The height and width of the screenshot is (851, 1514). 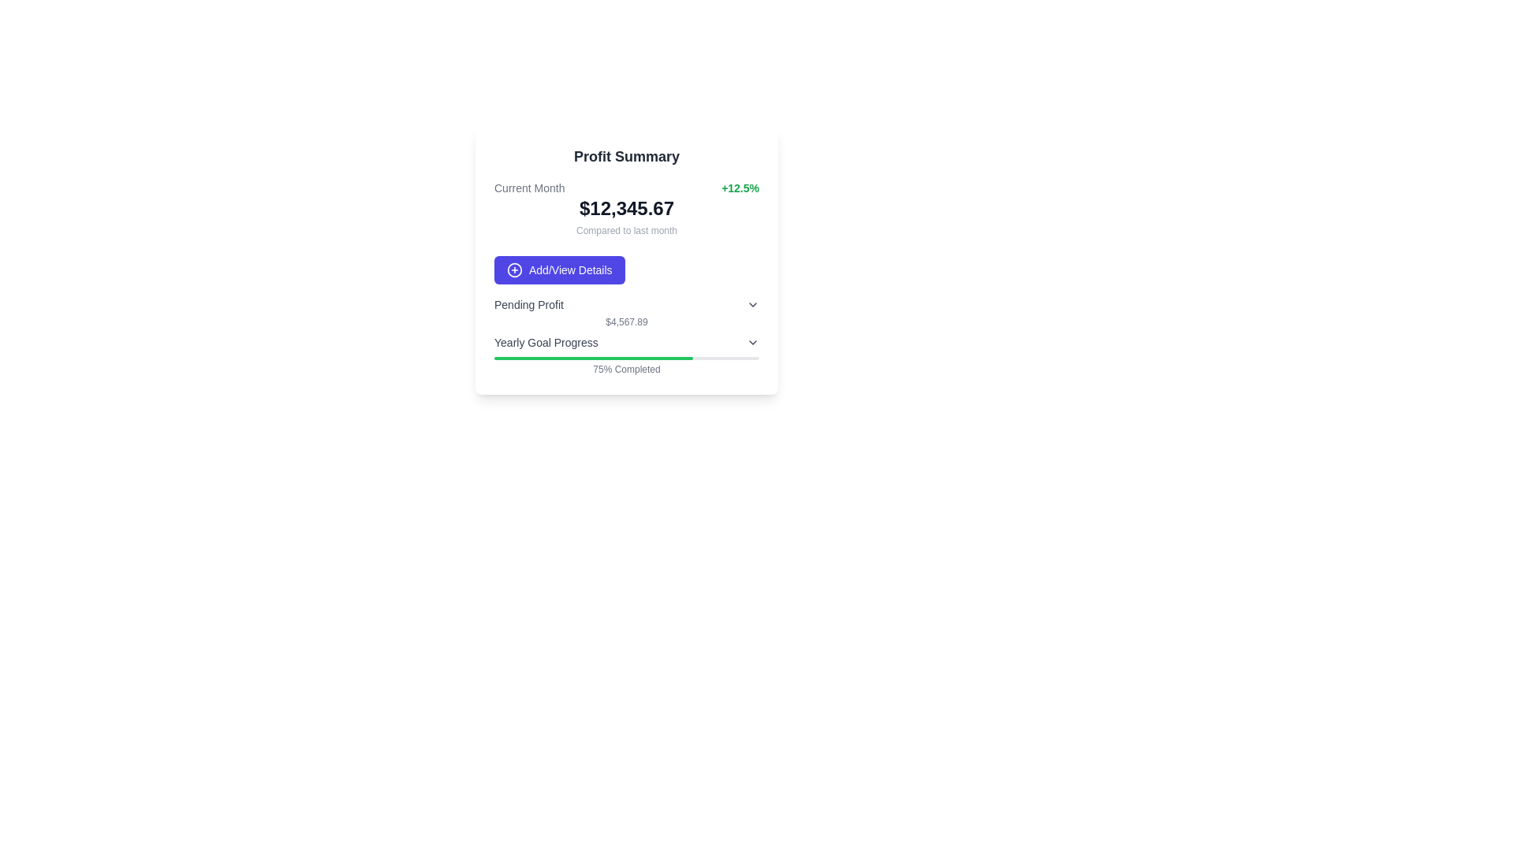 What do you see at coordinates (626, 231) in the screenshot?
I see `the text label that provides comparative context for the numerical data displayed above it, located below the number "$12,345.67" in the financial summary section` at bounding box center [626, 231].